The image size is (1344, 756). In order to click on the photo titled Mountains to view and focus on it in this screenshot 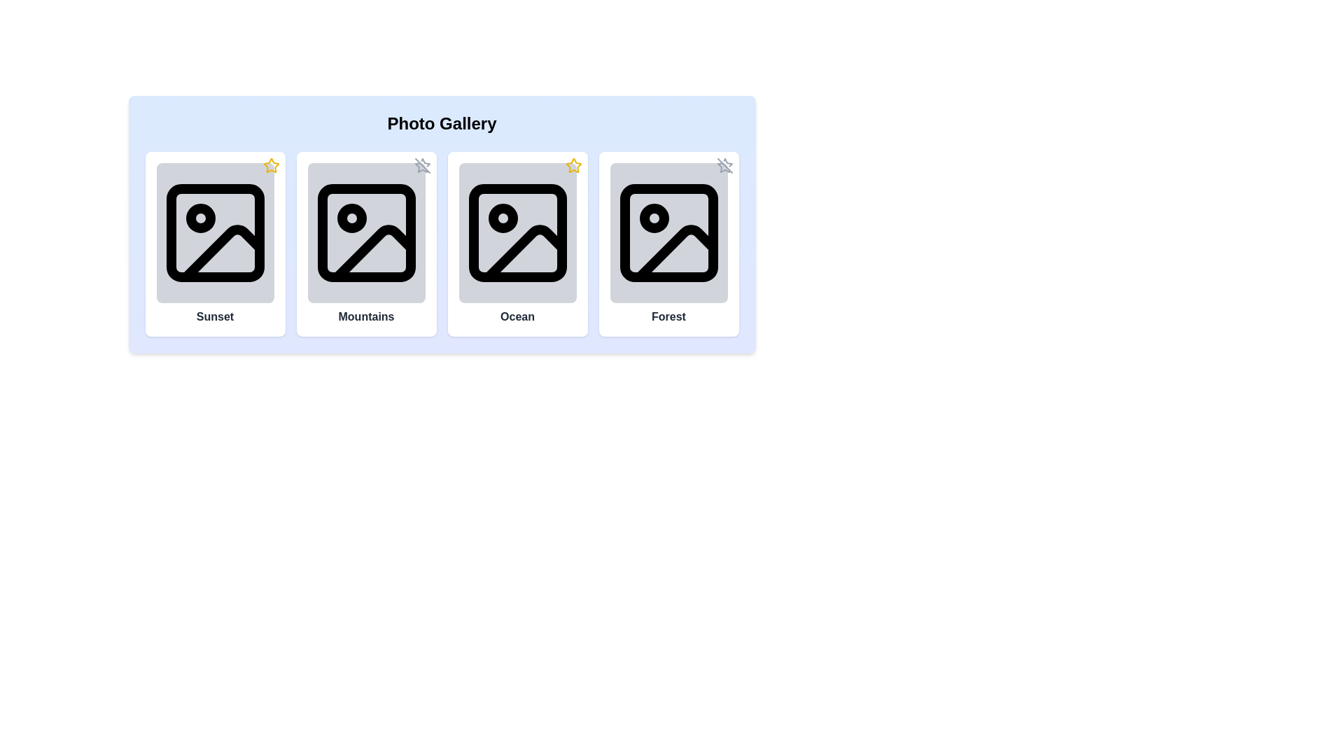, I will do `click(366, 232)`.